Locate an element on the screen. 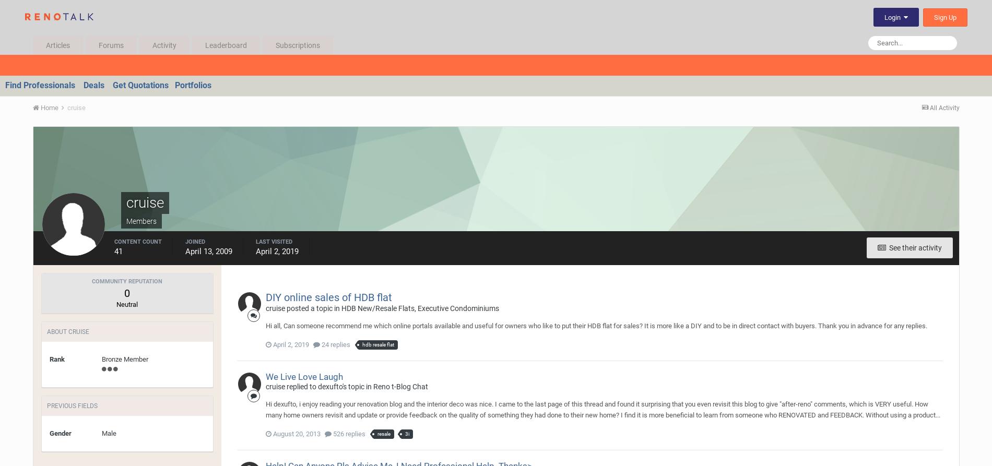  'Previous Fields' is located at coordinates (72, 405).